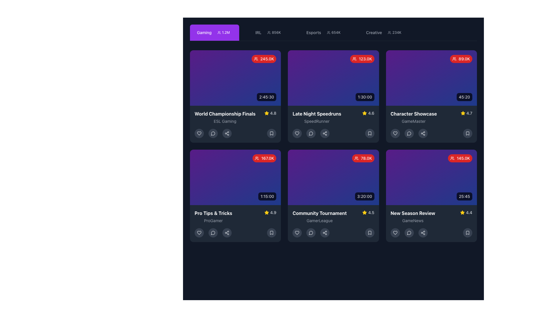 This screenshot has height=312, width=556. Describe the element at coordinates (466, 213) in the screenshot. I see `the Rating indicator element displaying a star icon and a numeric rating of '4.4' in medium gray font, located in the card titled 'New Season Review'` at that location.